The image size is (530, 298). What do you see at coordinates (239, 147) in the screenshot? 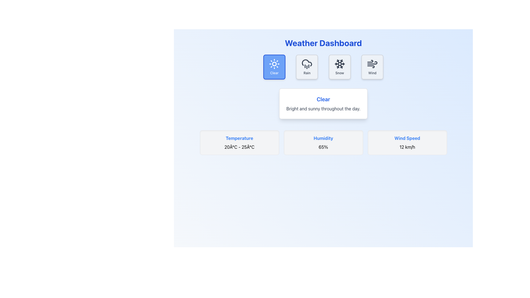
I see `the static text displaying the range of temperature values, which is located directly below the 'Temperature' heading in the bottom-left section of the interface` at bounding box center [239, 147].